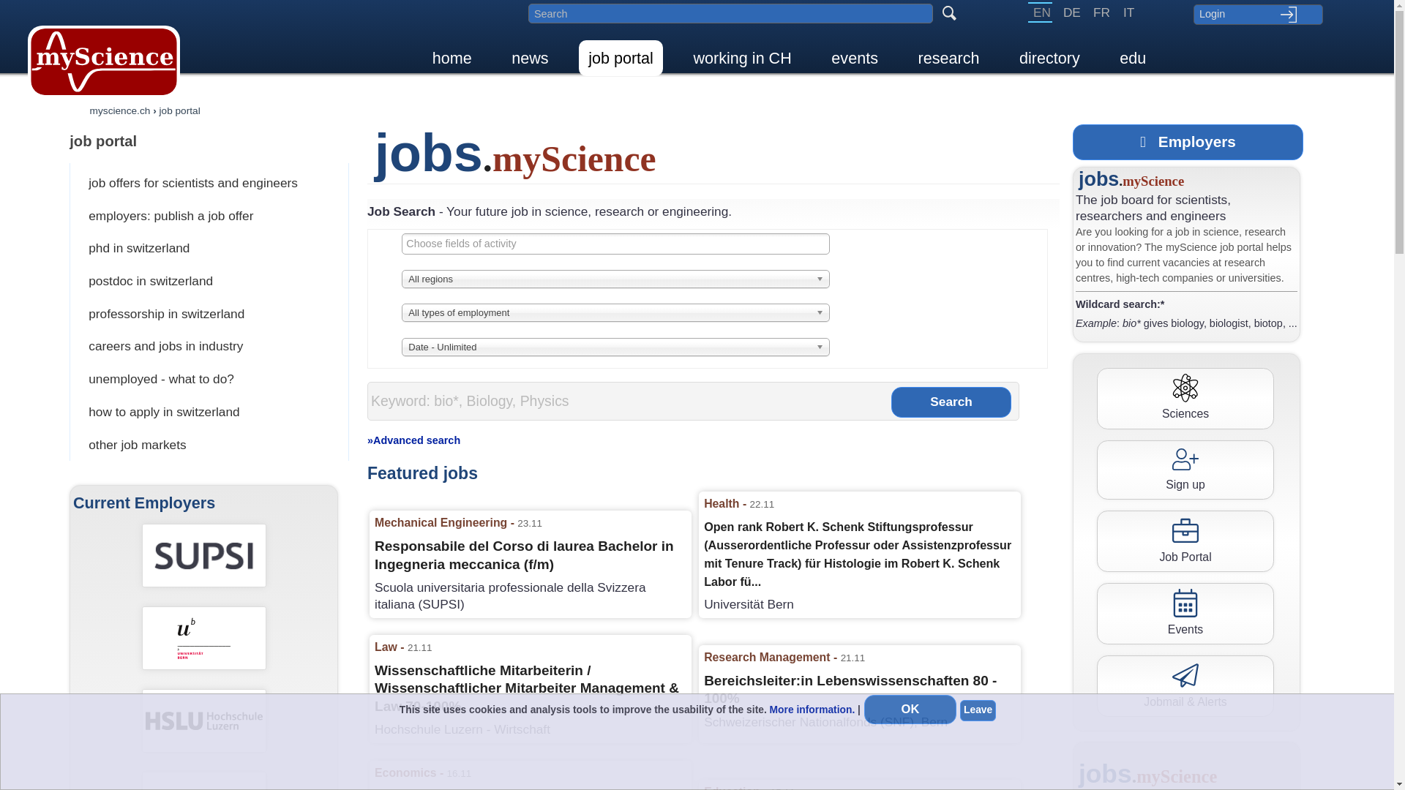  I want to click on 'Job Portal', so click(1185, 541).